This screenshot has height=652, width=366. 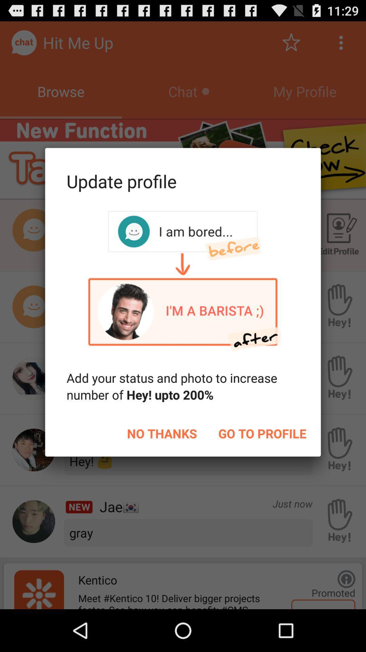 I want to click on the no thanks icon, so click(x=162, y=433).